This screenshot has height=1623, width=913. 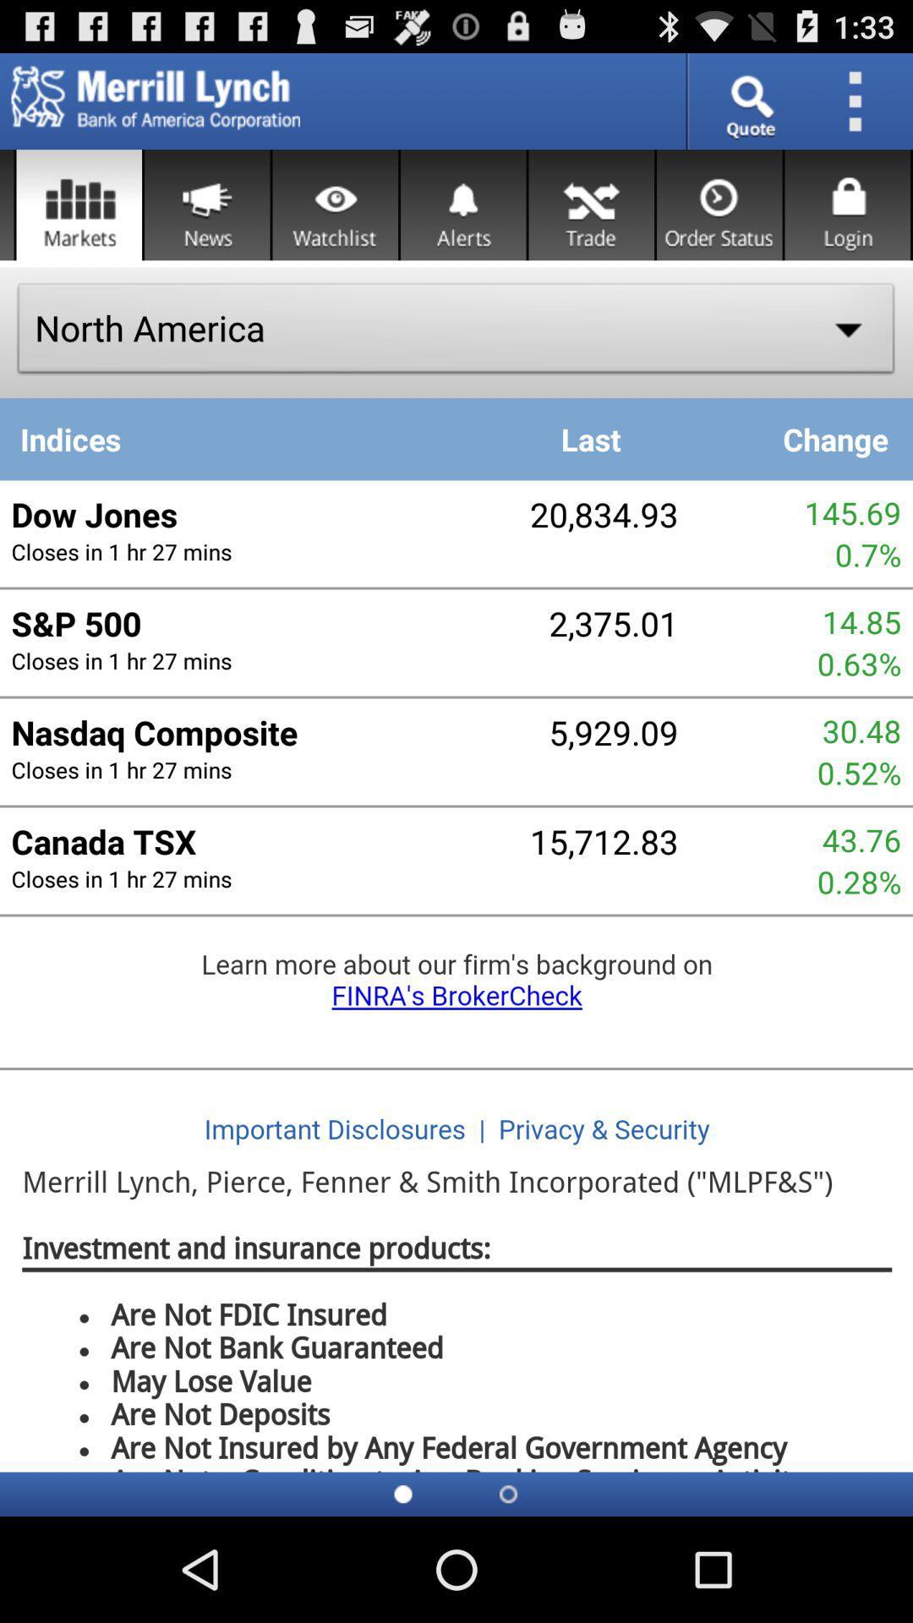 I want to click on the more icon, so click(x=861, y=107).